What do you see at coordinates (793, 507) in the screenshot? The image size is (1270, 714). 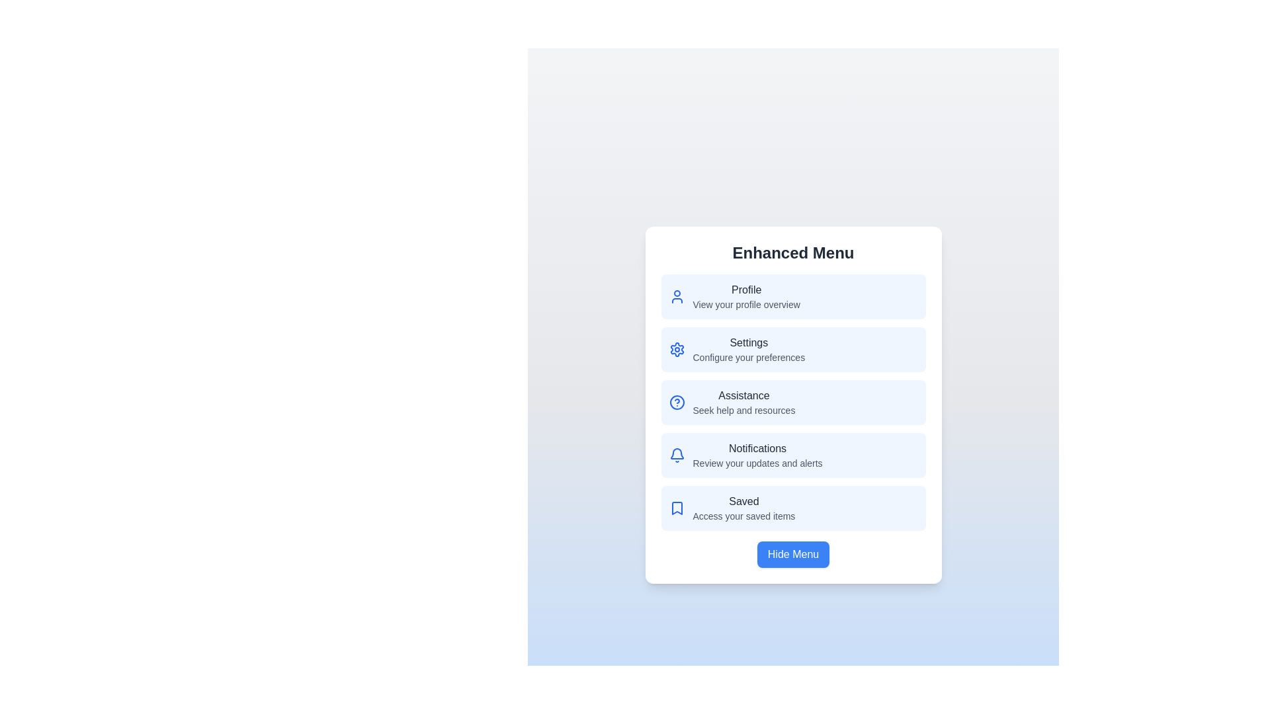 I see `the menu item labeled Saved to see its hover effect` at bounding box center [793, 507].